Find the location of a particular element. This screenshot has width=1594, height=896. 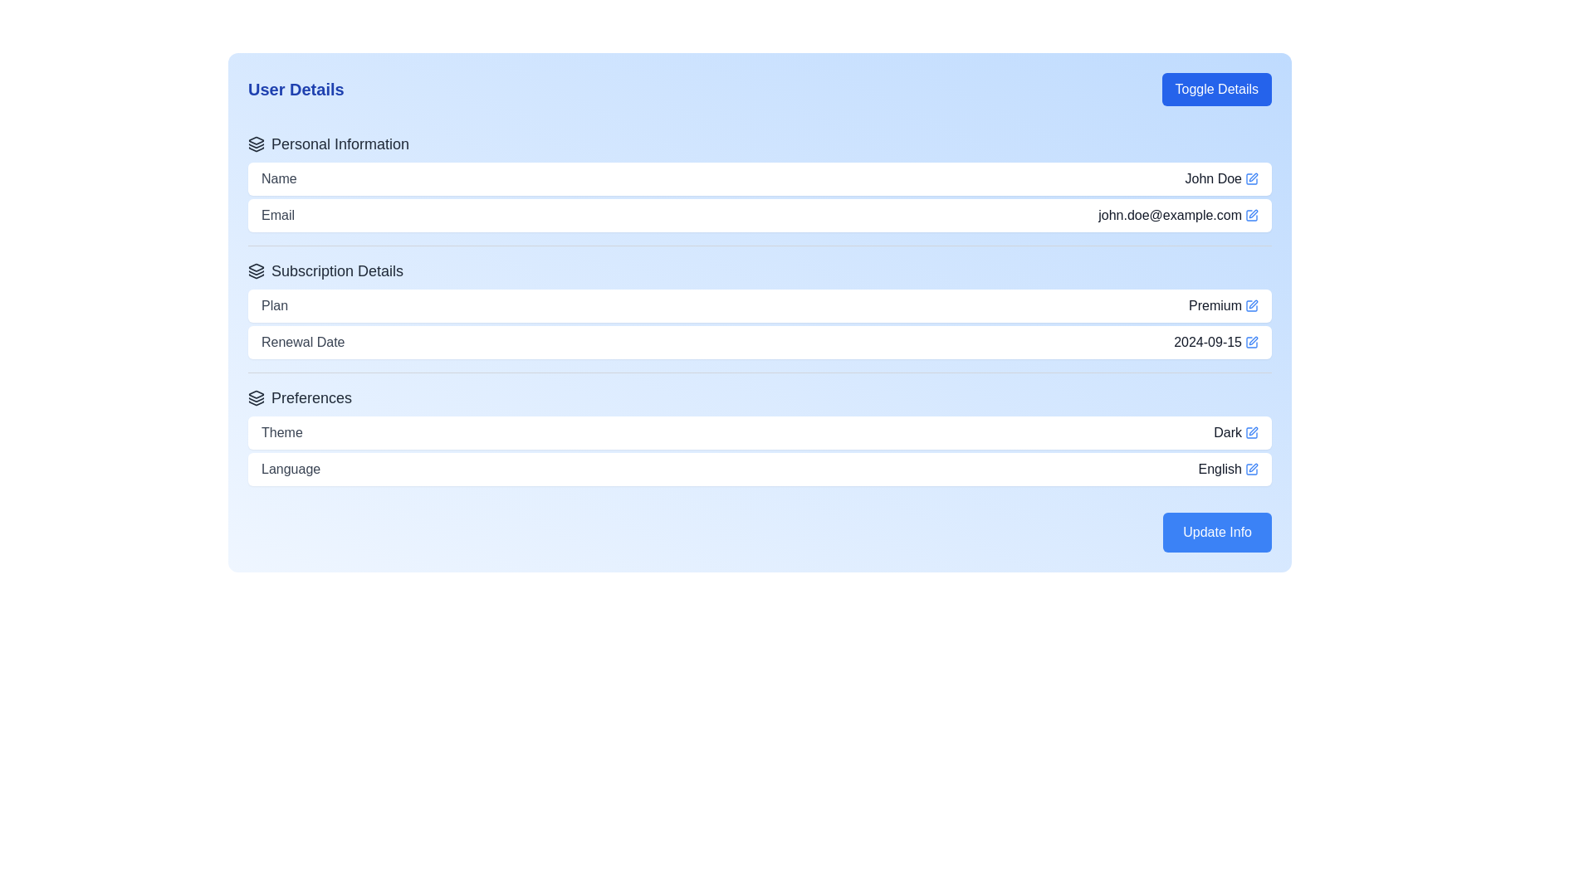

the bottom-most triangle icon, which is part of a stacked group of three triangles, located to the left of the 'Preferences' heading is located at coordinates (255, 403).